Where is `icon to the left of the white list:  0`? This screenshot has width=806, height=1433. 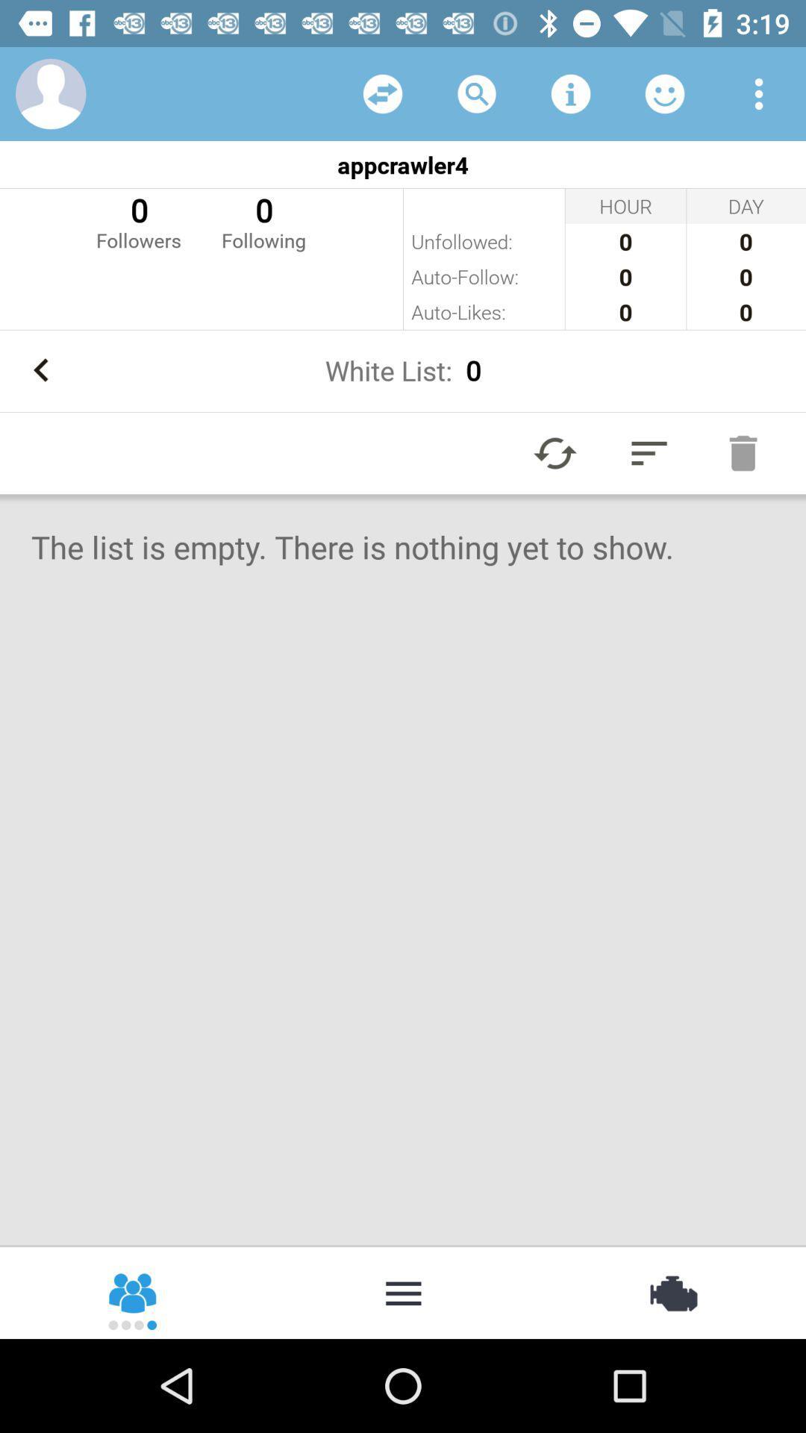
icon to the left of the white list:  0 is located at coordinates (40, 370).